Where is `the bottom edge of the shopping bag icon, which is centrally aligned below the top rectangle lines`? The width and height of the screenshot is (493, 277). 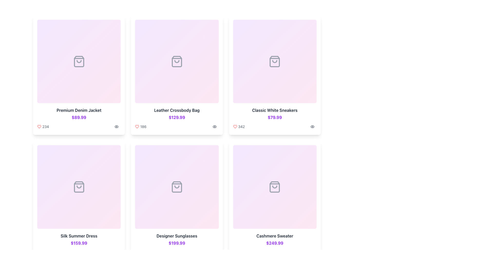 the bottom edge of the shopping bag icon, which is centrally aligned below the top rectangle lines is located at coordinates (79, 187).